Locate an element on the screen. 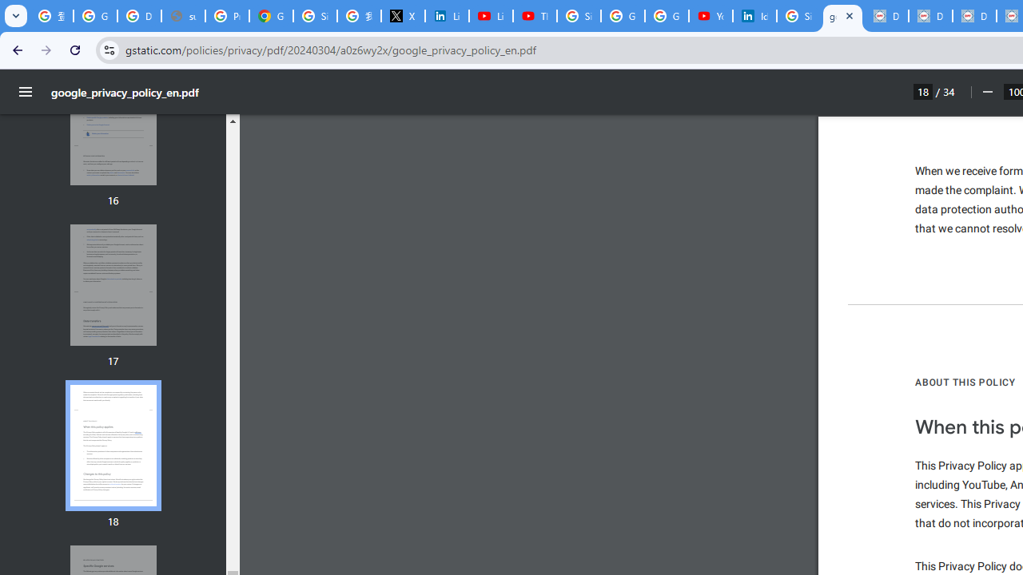 This screenshot has width=1023, height=575. 'google_privacy_policy_en.pdf' is located at coordinates (842, 16).